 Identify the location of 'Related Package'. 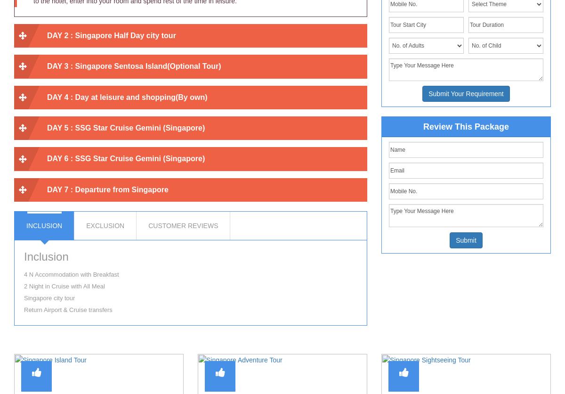
(282, 342).